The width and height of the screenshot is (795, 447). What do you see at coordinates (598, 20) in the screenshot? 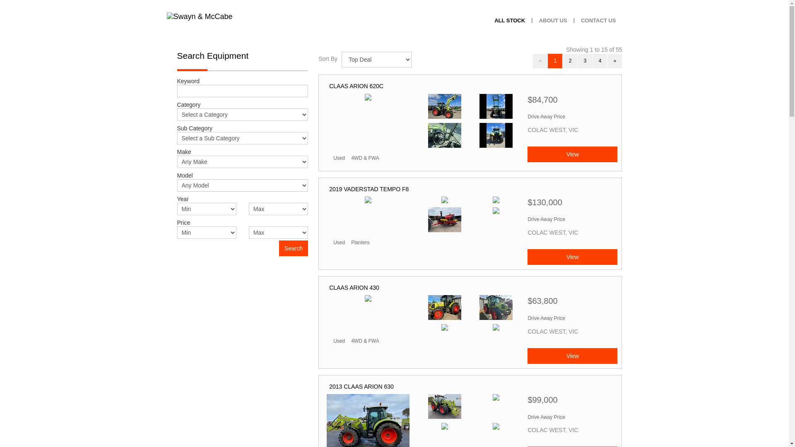
I see `'CONTACT US'` at bounding box center [598, 20].